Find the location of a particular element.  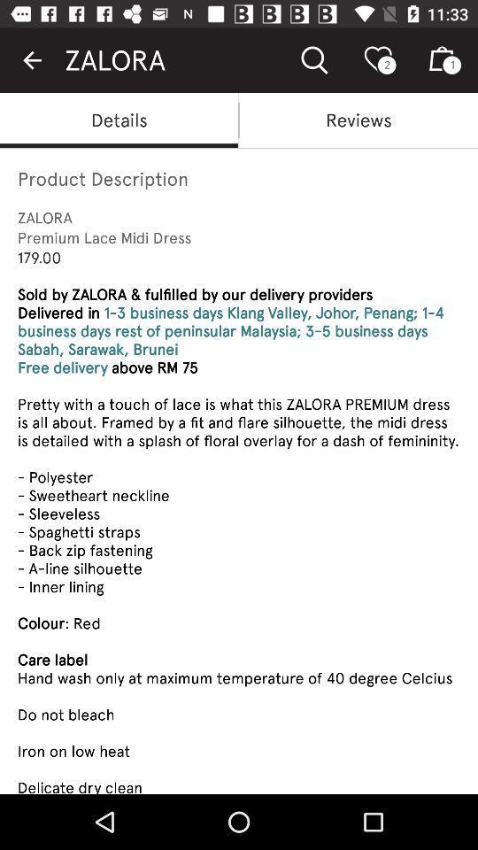

reviews is located at coordinates (358, 119).